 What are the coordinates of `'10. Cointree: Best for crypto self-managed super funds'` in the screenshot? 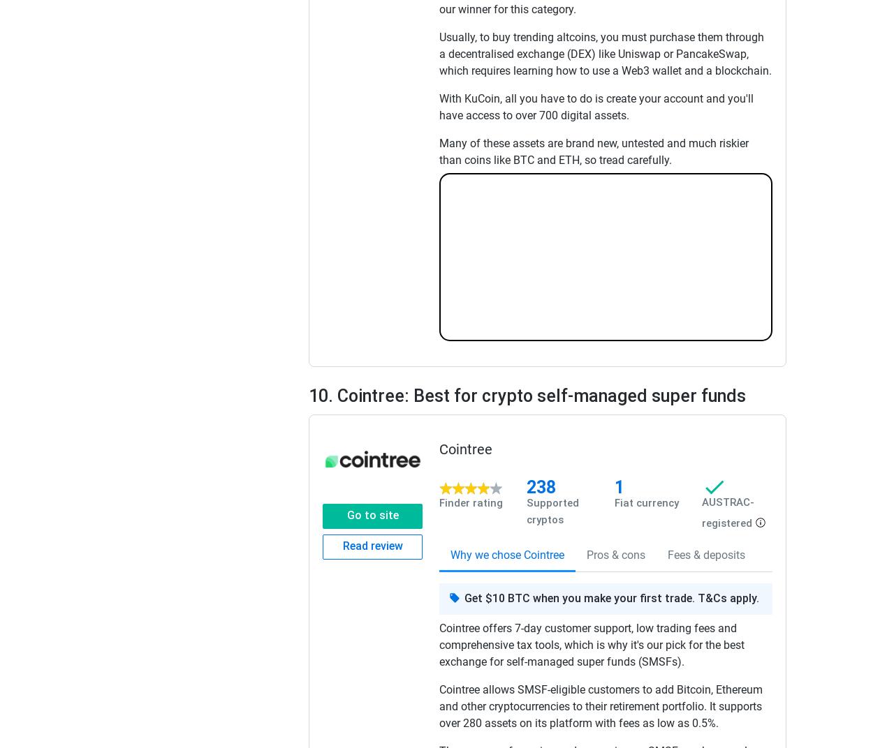 It's located at (526, 394).